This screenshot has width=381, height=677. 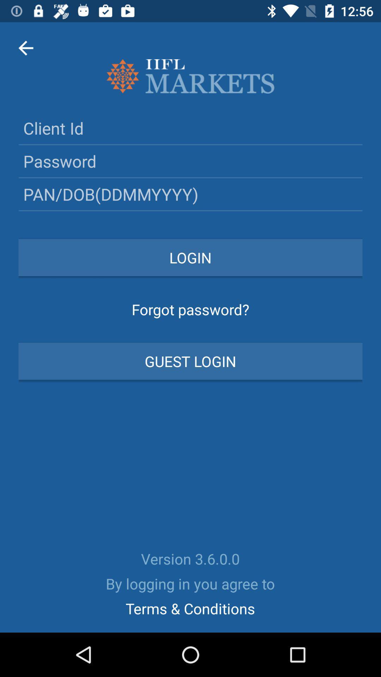 What do you see at coordinates (190, 257) in the screenshot?
I see `login` at bounding box center [190, 257].